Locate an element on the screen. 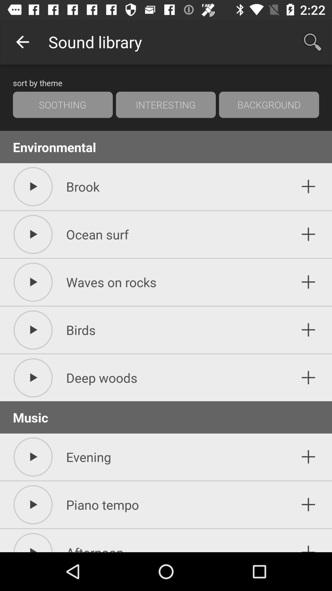 The image size is (332, 591). item to the right of interesting is located at coordinates (269, 105).